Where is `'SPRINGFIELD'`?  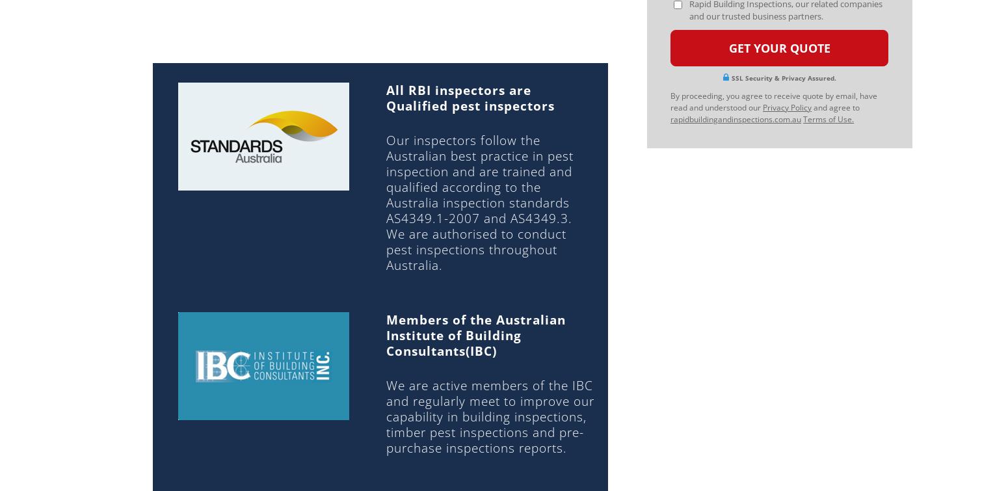
'SPRINGFIELD' is located at coordinates (544, 315).